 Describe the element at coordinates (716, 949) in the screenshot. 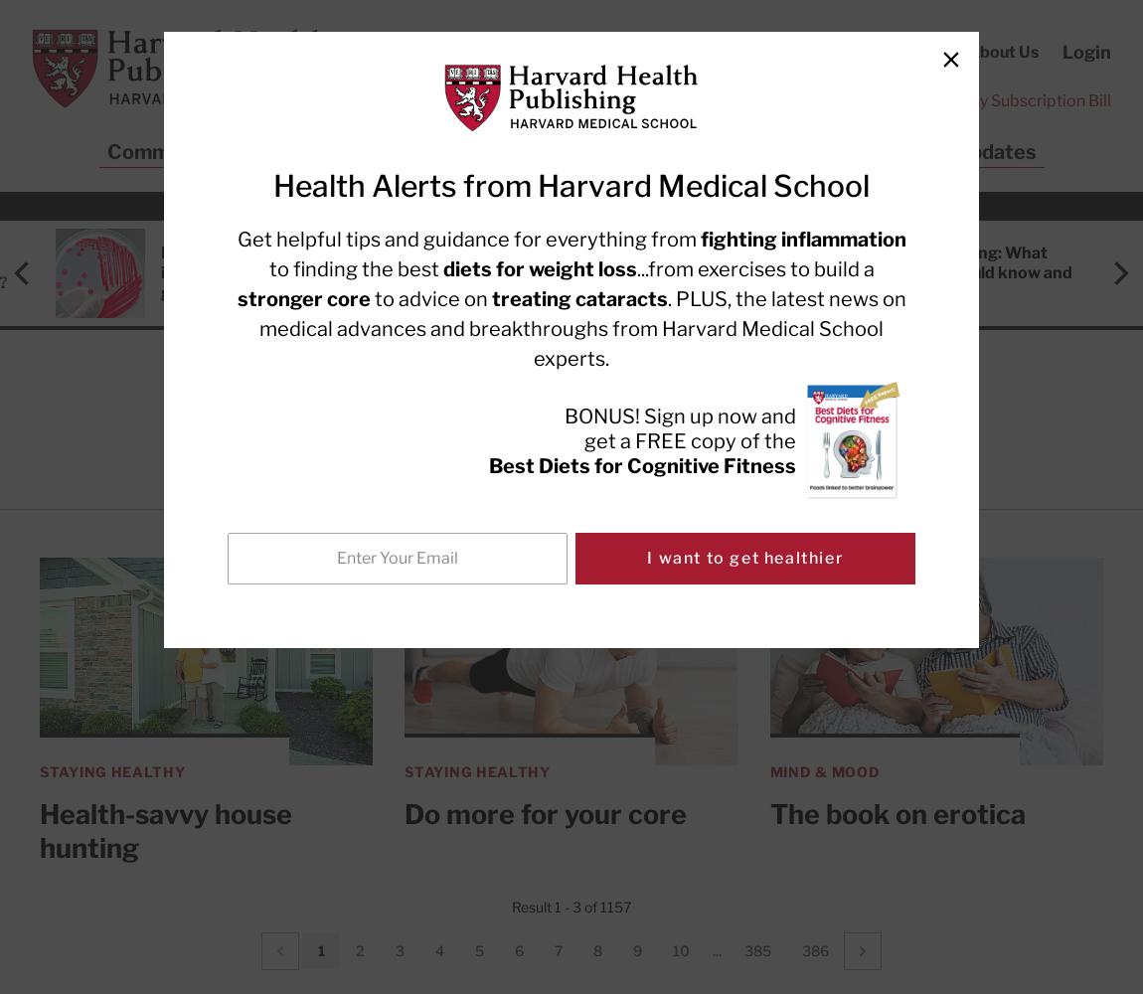

I see `'...'` at that location.